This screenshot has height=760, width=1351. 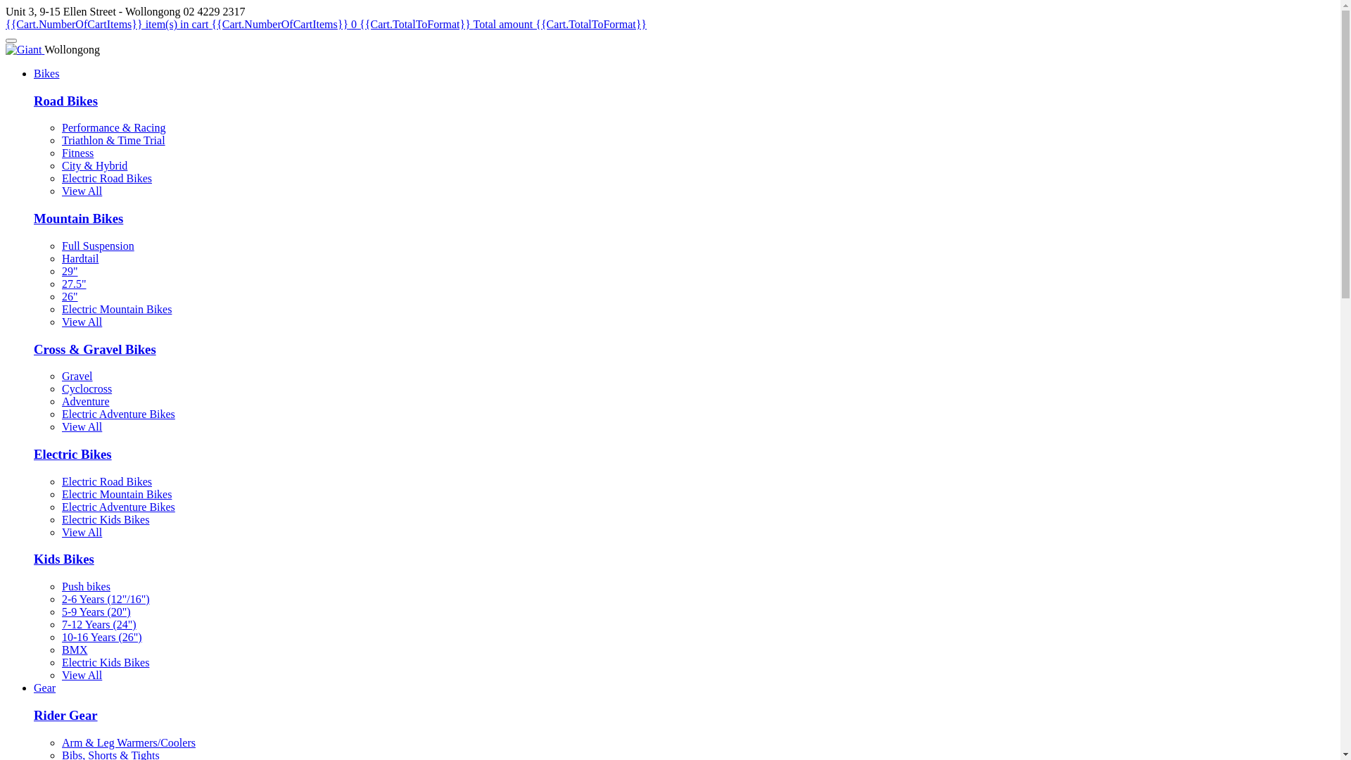 I want to click on '2-6 Years (12"/16")', so click(x=105, y=599).